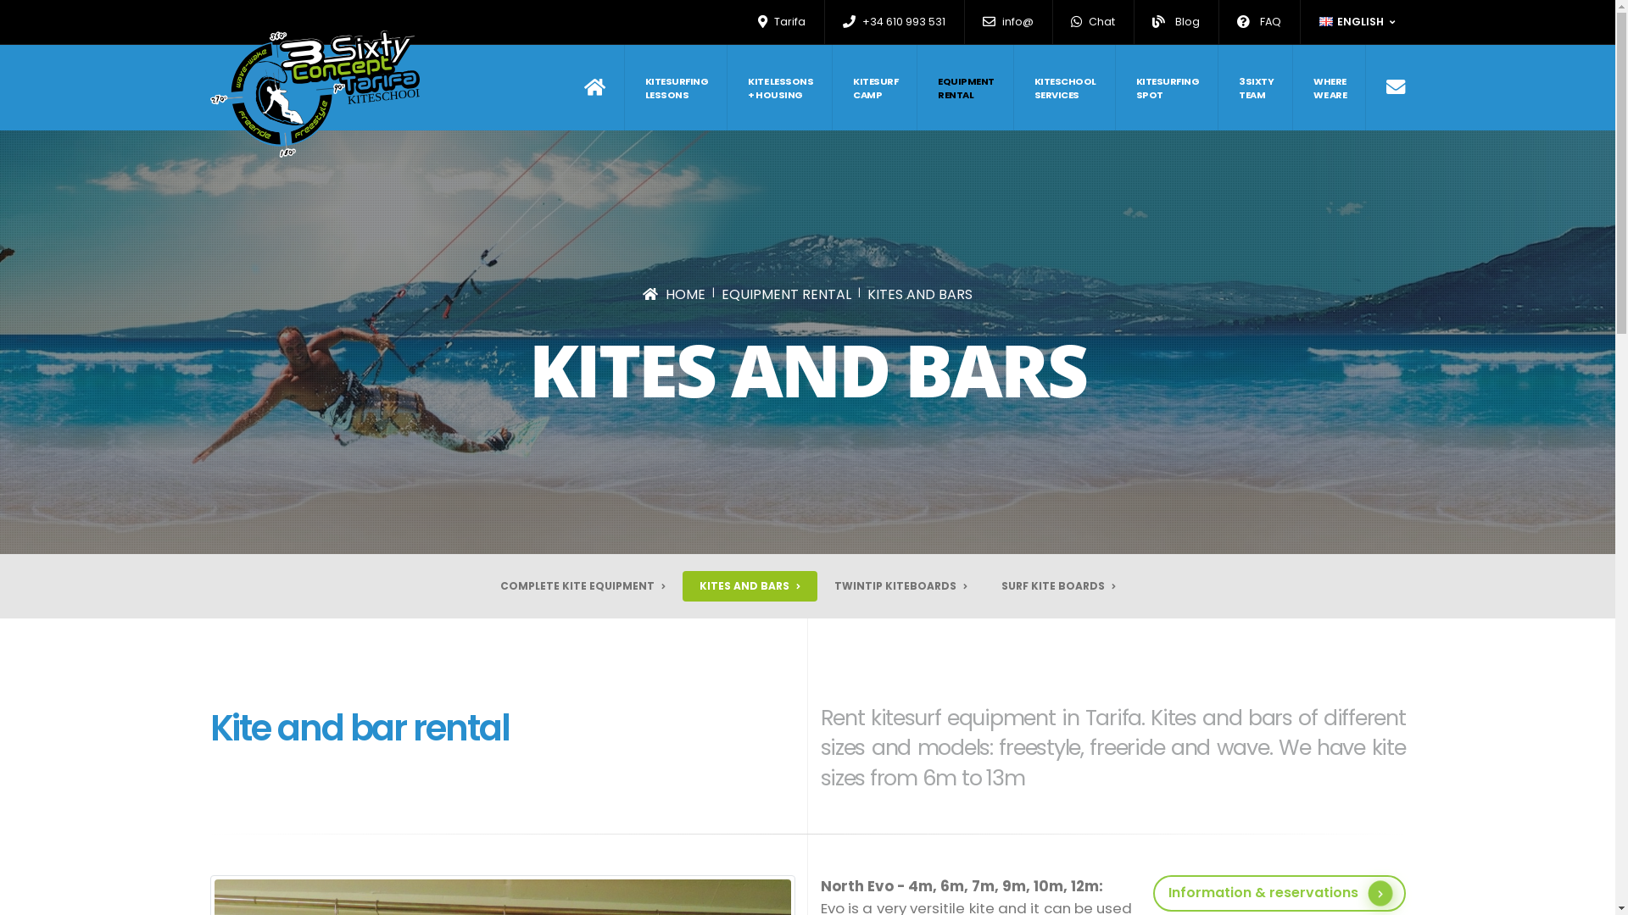 The height and width of the screenshot is (915, 1628). I want to click on 'KITESURF CAMP', so click(834, 87).